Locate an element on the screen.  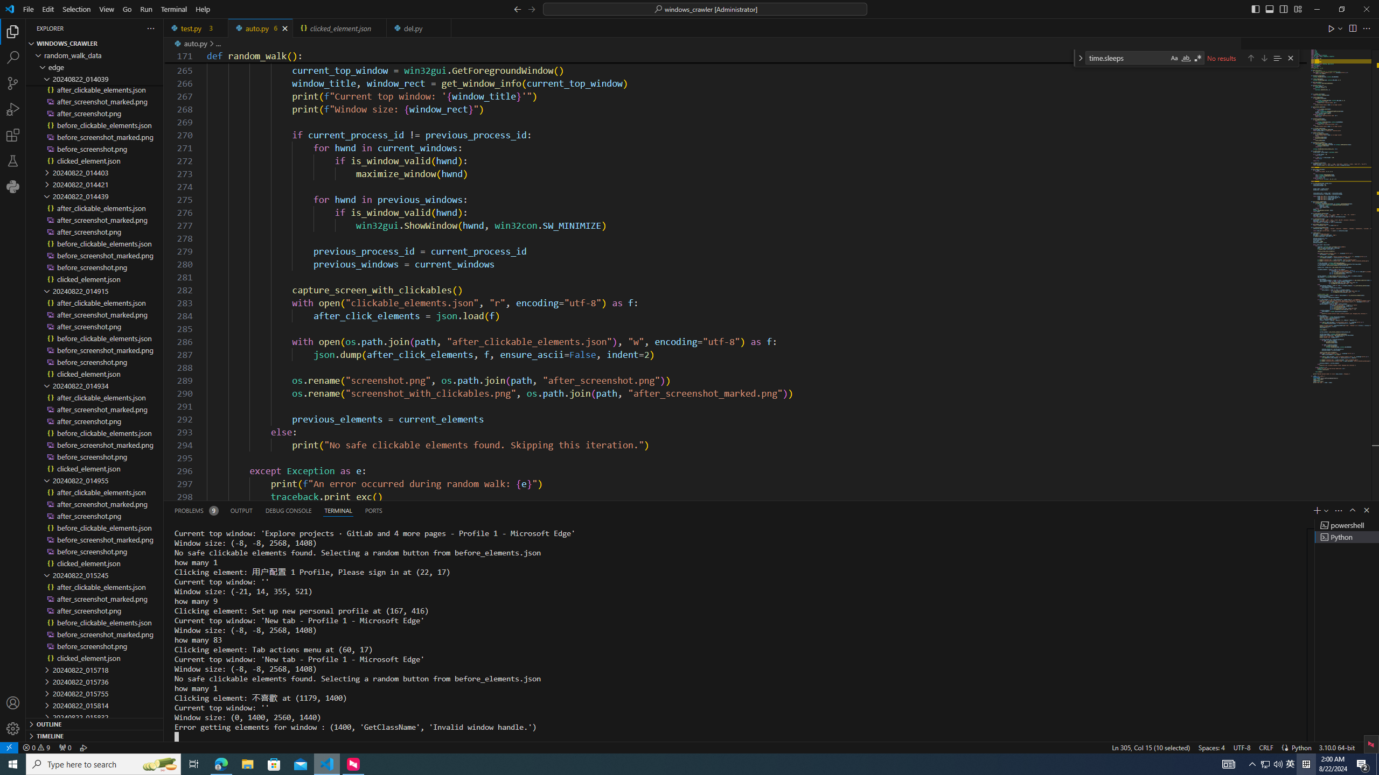
'Run or Debug...' is located at coordinates (1340, 27).